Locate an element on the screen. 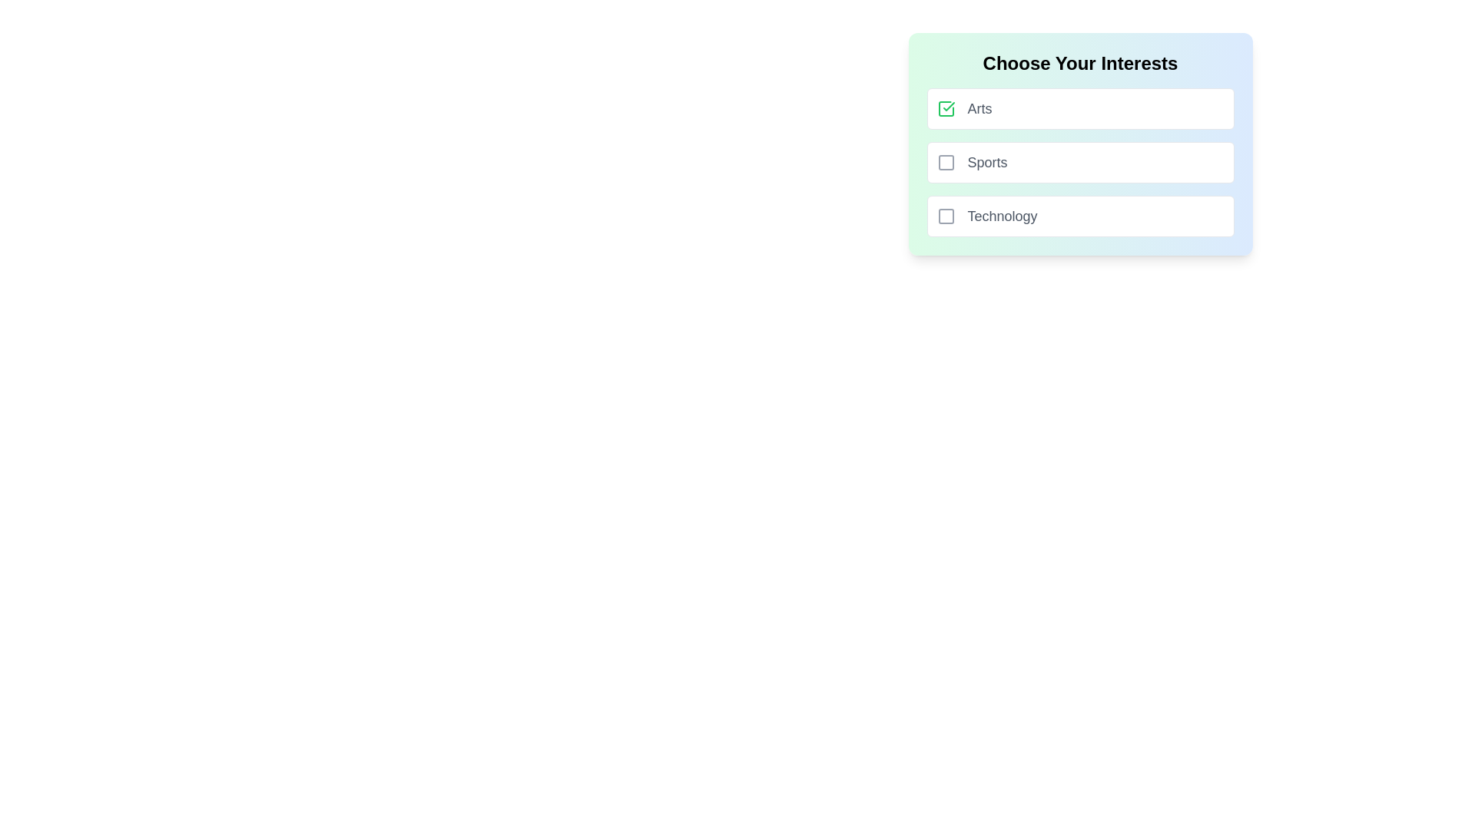 The width and height of the screenshot is (1475, 829). the checkbox corresponding to Technology is located at coordinates (945, 216).